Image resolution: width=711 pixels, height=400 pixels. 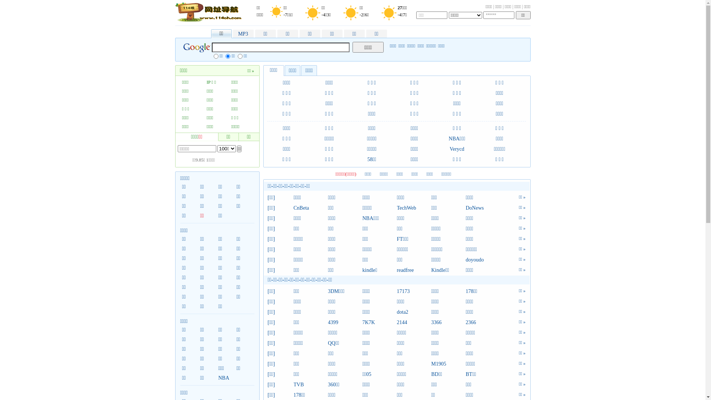 I want to click on 'on', so click(x=227, y=56).